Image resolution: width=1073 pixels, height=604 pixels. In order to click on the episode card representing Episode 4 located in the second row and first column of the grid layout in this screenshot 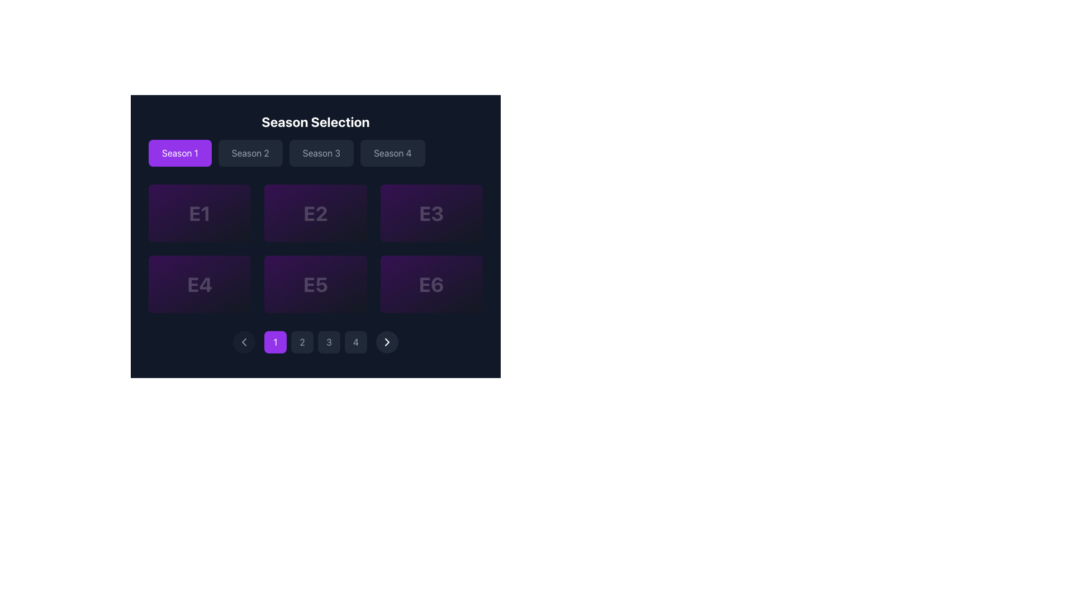, I will do `click(200, 284)`.